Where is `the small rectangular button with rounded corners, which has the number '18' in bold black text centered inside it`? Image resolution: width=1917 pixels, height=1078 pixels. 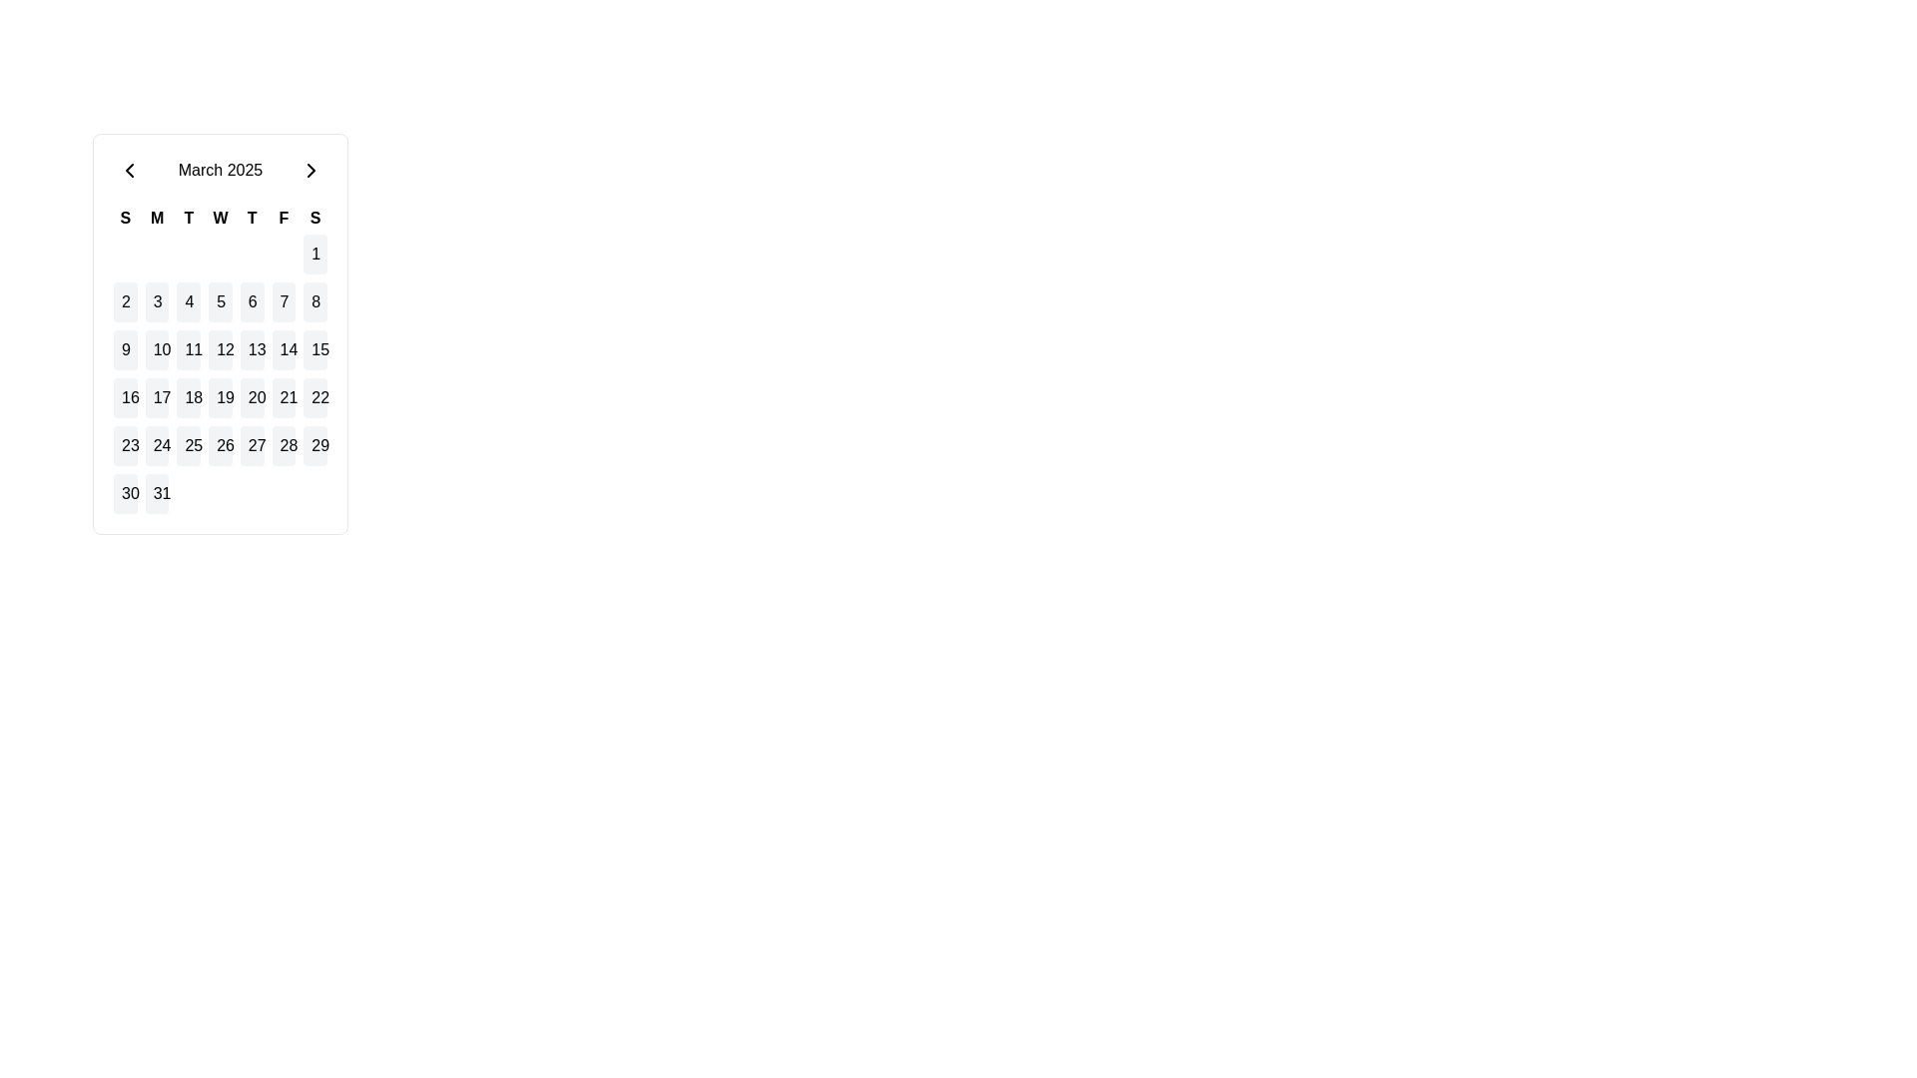
the small rectangular button with rounded corners, which has the number '18' in bold black text centered inside it is located at coordinates (189, 397).